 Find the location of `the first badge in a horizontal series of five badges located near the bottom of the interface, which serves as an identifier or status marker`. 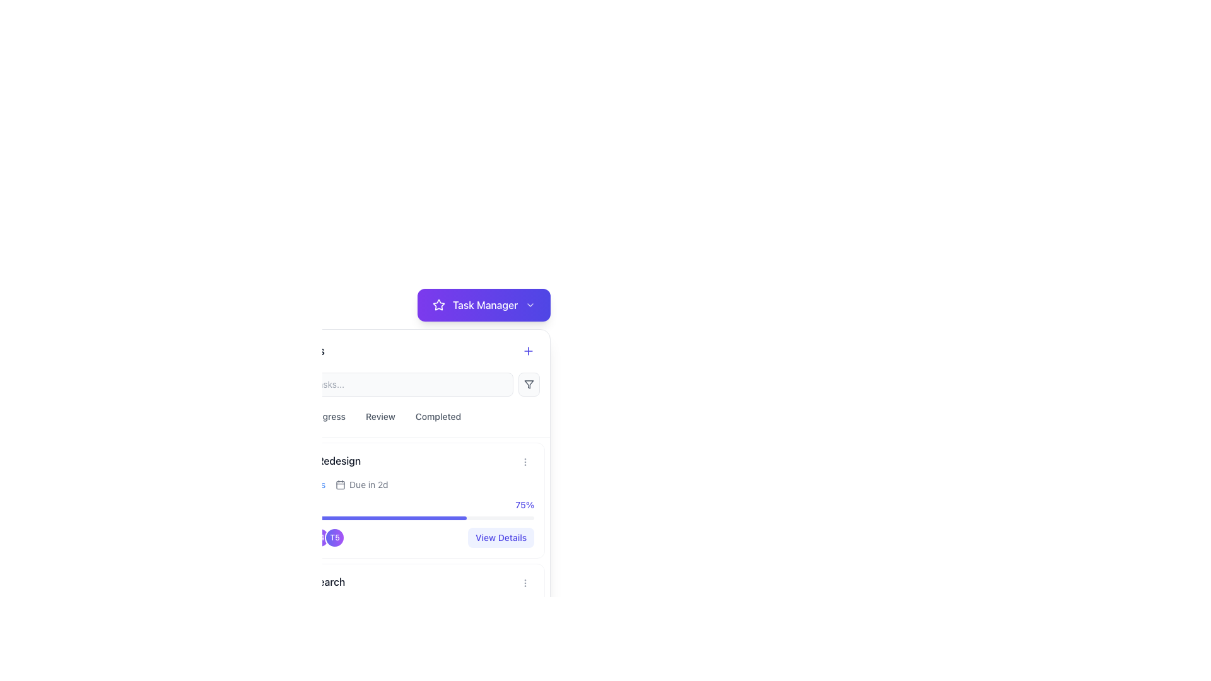

the first badge in a horizontal series of five badges located near the bottom of the interface, which serves as an identifier or status marker is located at coordinates (274, 537).